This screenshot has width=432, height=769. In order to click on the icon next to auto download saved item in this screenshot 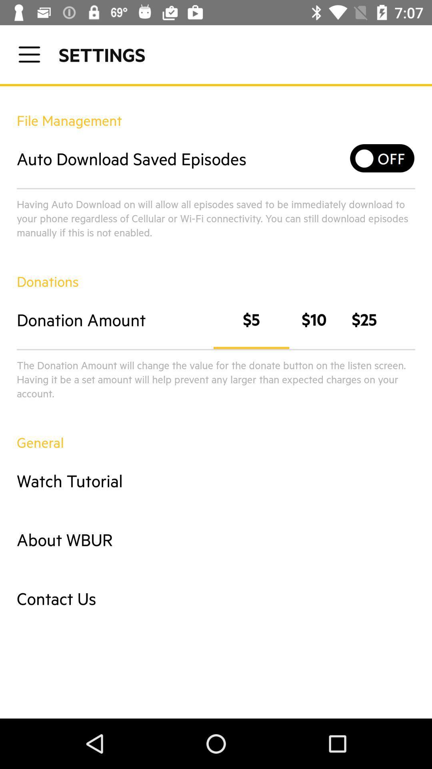, I will do `click(382, 158)`.